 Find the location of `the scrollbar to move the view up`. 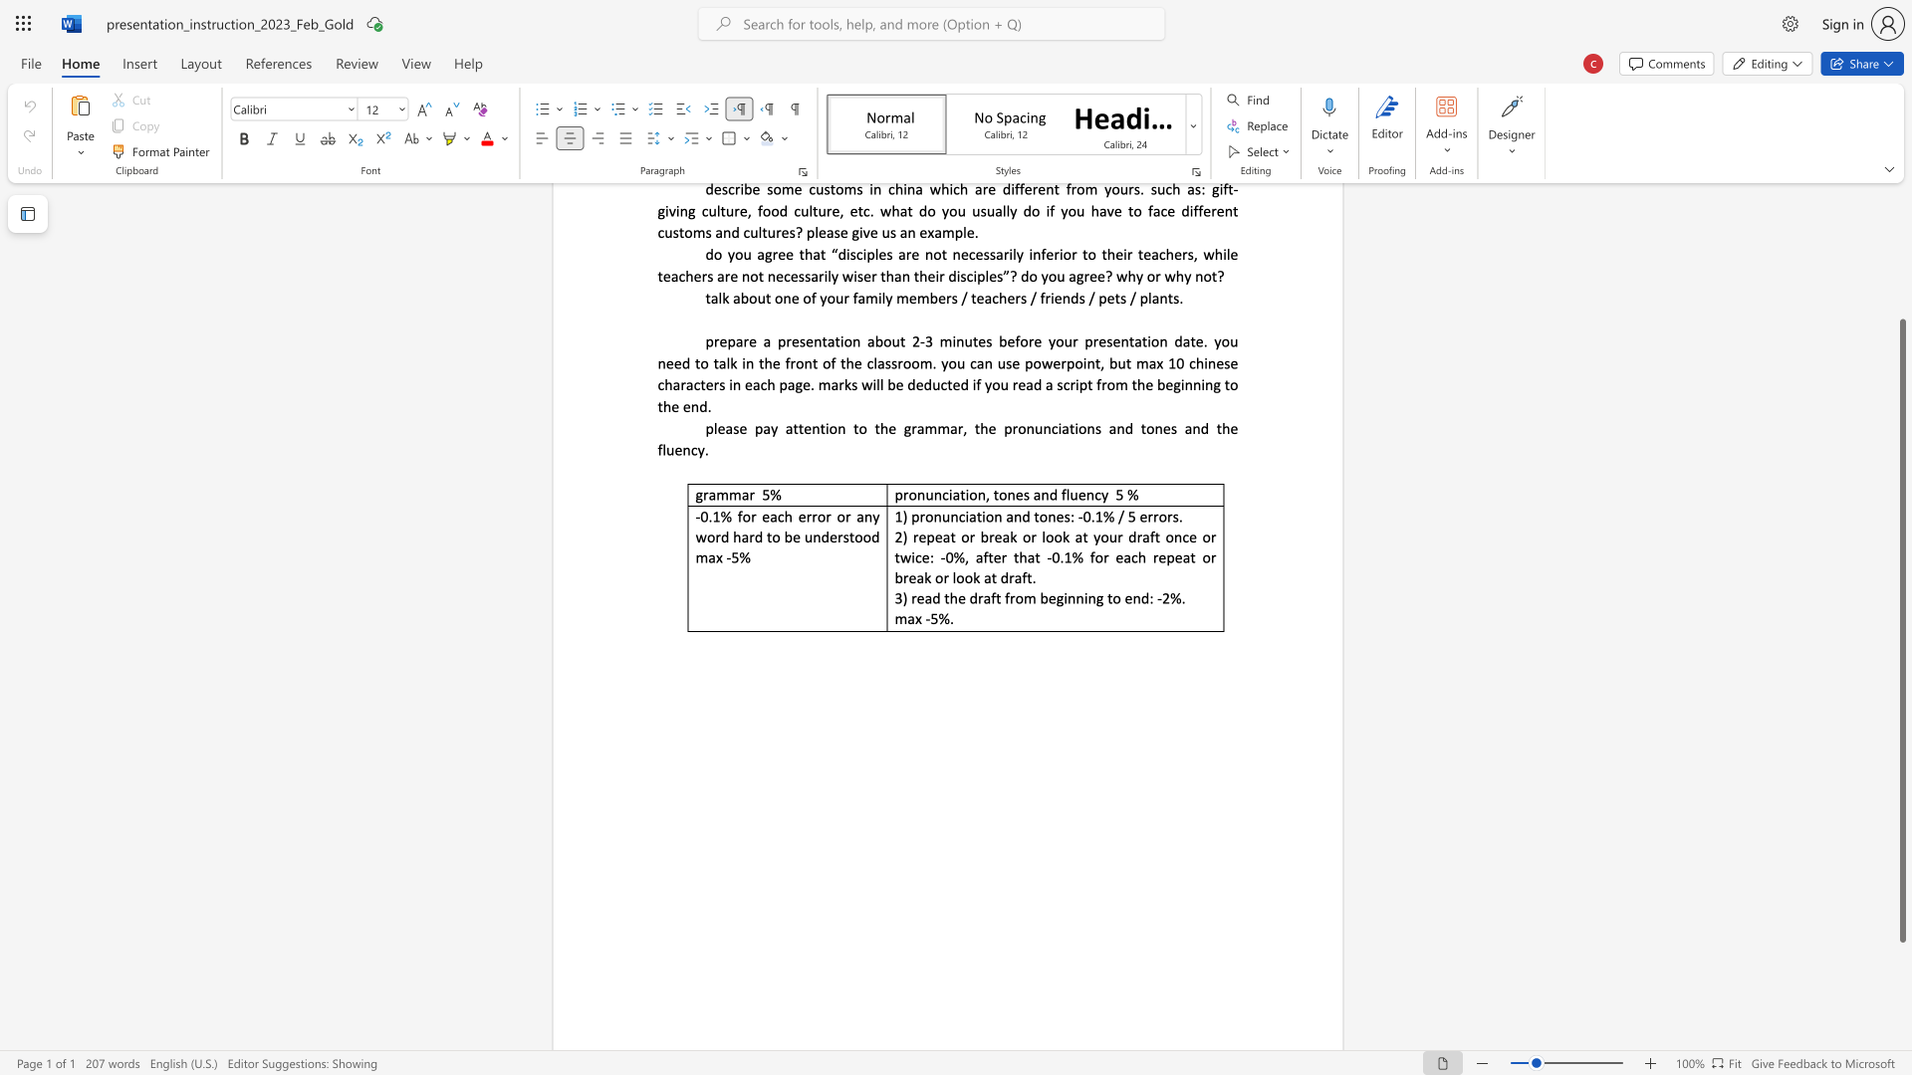

the scrollbar to move the view up is located at coordinates (1901, 228).